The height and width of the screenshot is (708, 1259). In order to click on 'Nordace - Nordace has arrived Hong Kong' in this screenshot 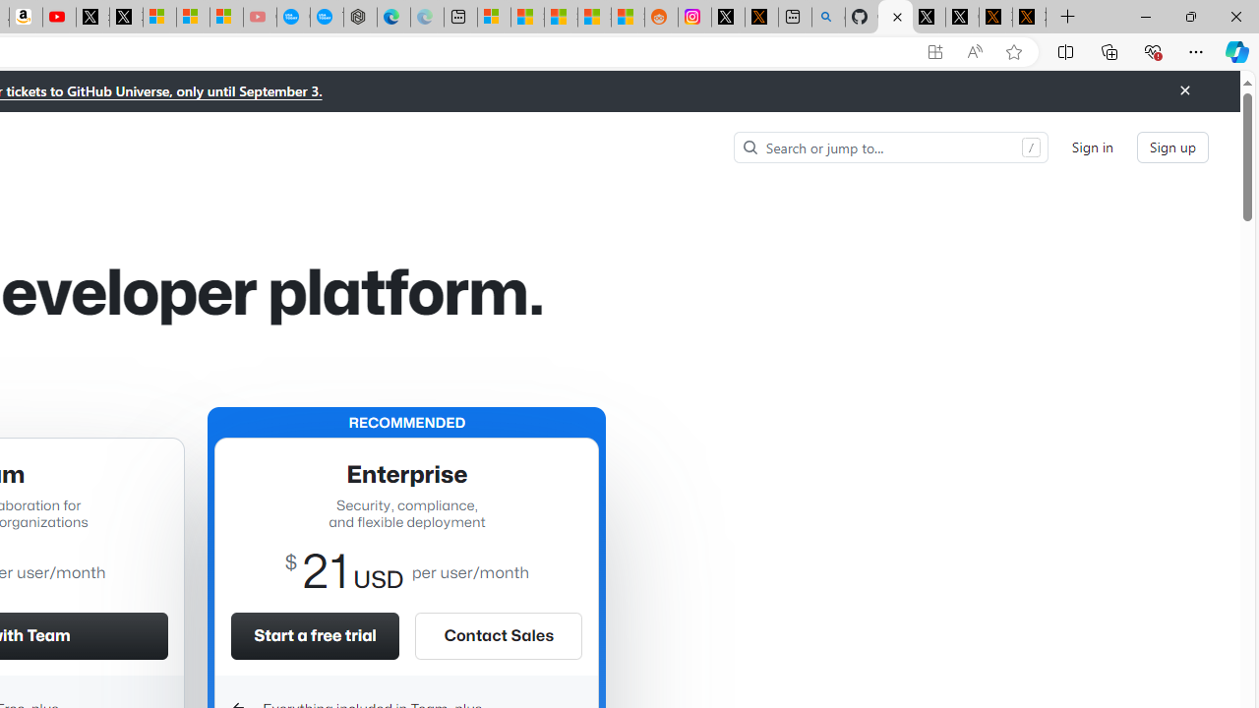, I will do `click(360, 17)`.